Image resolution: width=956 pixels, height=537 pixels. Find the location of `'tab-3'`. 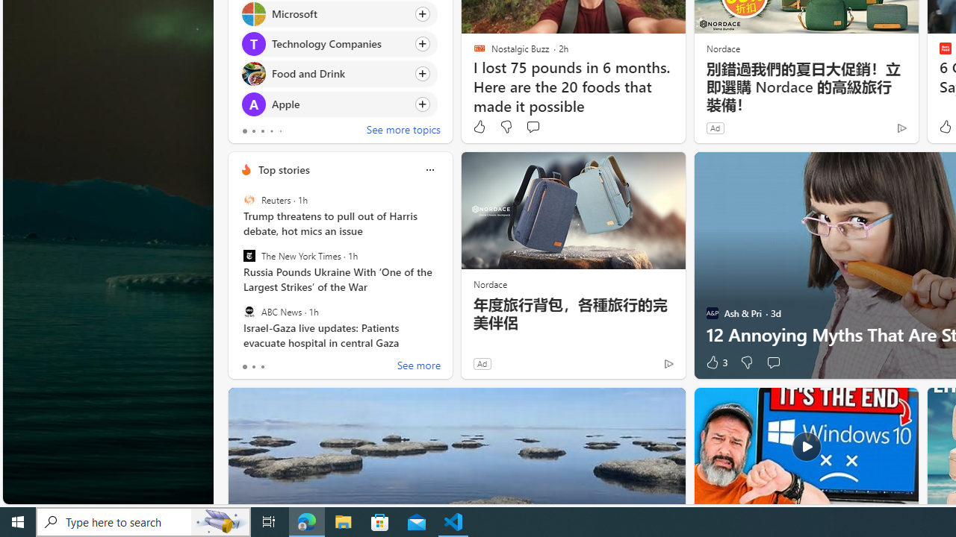

'tab-3' is located at coordinates (271, 131).